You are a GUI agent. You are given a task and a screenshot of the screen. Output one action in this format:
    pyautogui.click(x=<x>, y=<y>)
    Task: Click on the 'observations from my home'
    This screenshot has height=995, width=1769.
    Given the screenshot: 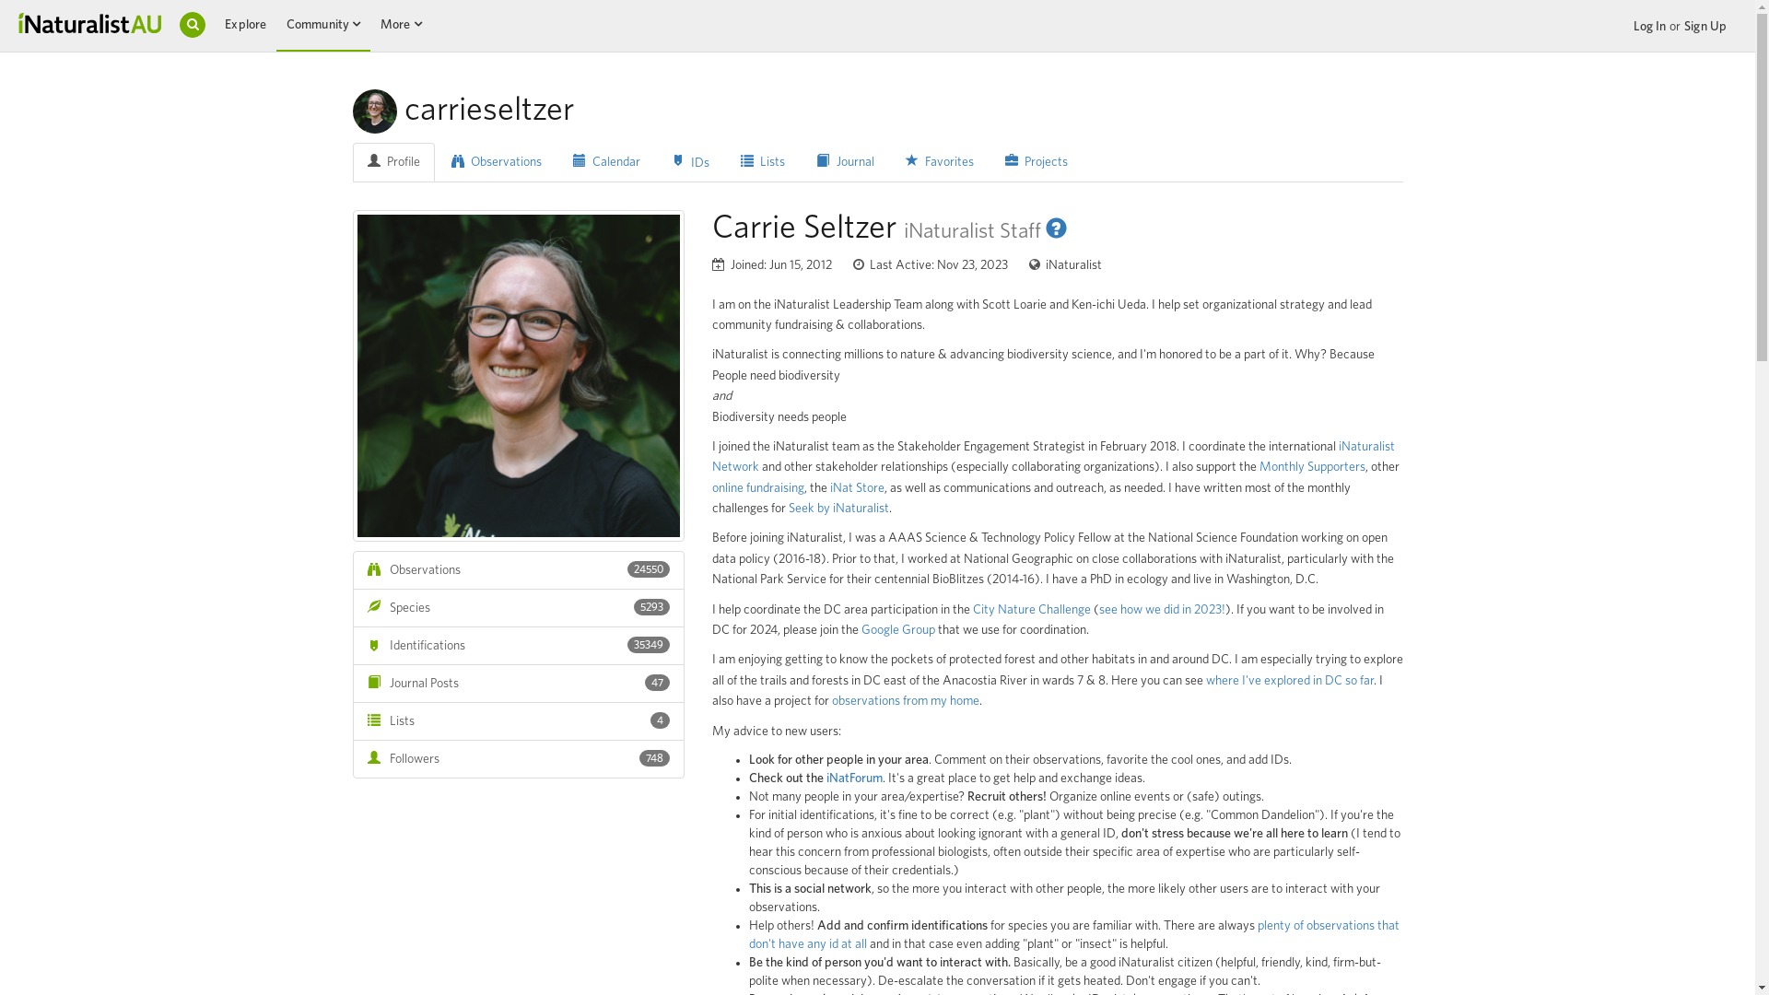 What is the action you would take?
    pyautogui.click(x=830, y=700)
    